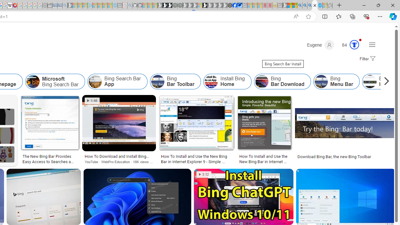 This screenshot has height=225, width=400. What do you see at coordinates (115, 5) in the screenshot?
I see `'Home | Sky Blue Bikes - Sky Blue Bikes - Sleeping'` at bounding box center [115, 5].